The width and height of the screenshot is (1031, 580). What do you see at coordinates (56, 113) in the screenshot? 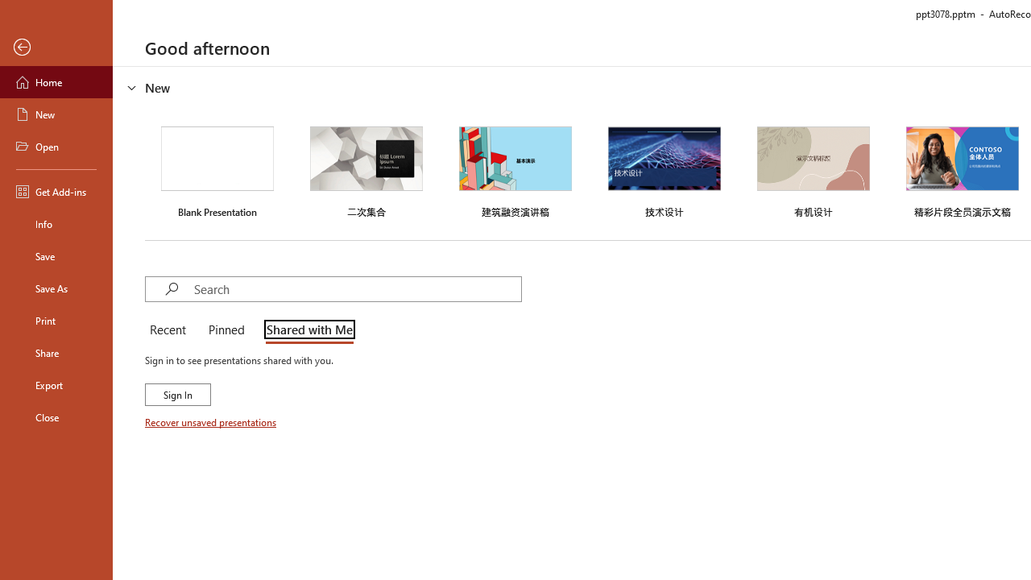
I see `'New'` at bounding box center [56, 113].